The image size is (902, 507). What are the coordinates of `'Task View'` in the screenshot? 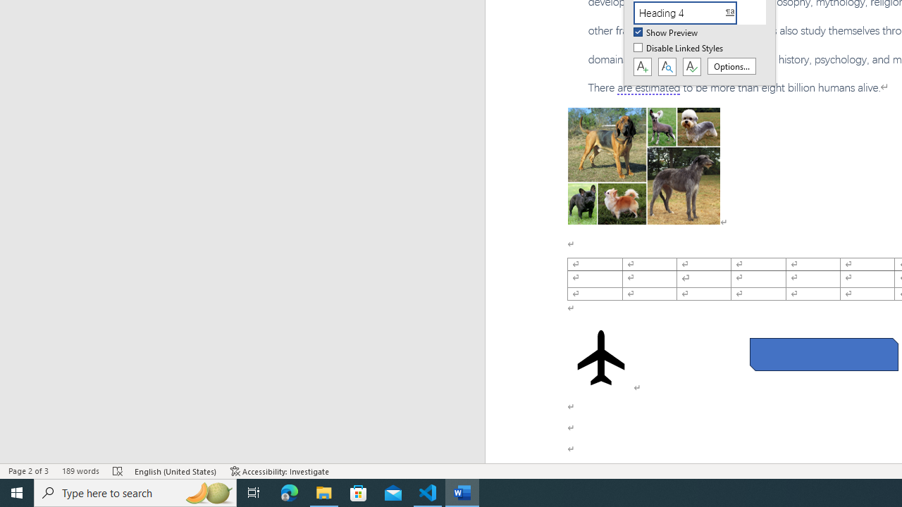 It's located at (253, 492).